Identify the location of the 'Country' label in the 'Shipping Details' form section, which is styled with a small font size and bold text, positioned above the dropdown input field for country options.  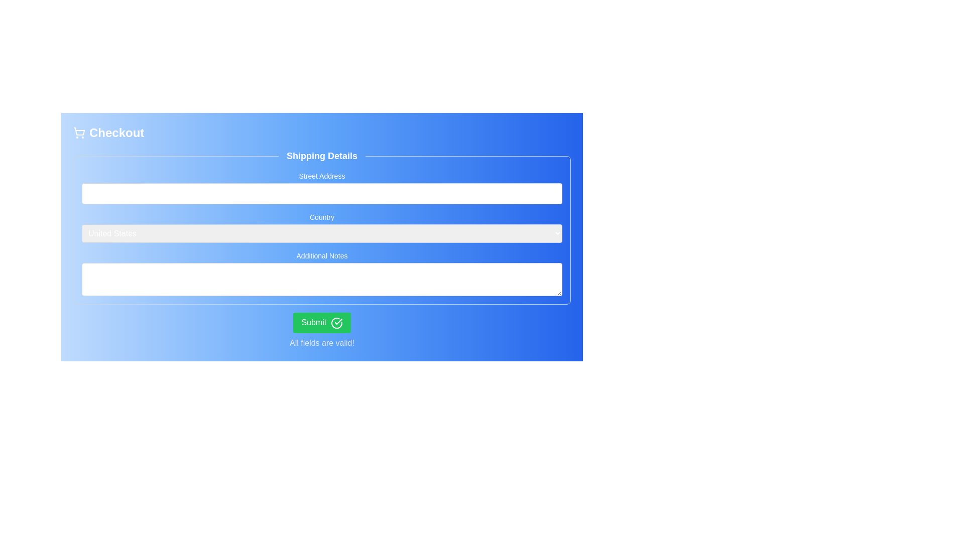
(322, 216).